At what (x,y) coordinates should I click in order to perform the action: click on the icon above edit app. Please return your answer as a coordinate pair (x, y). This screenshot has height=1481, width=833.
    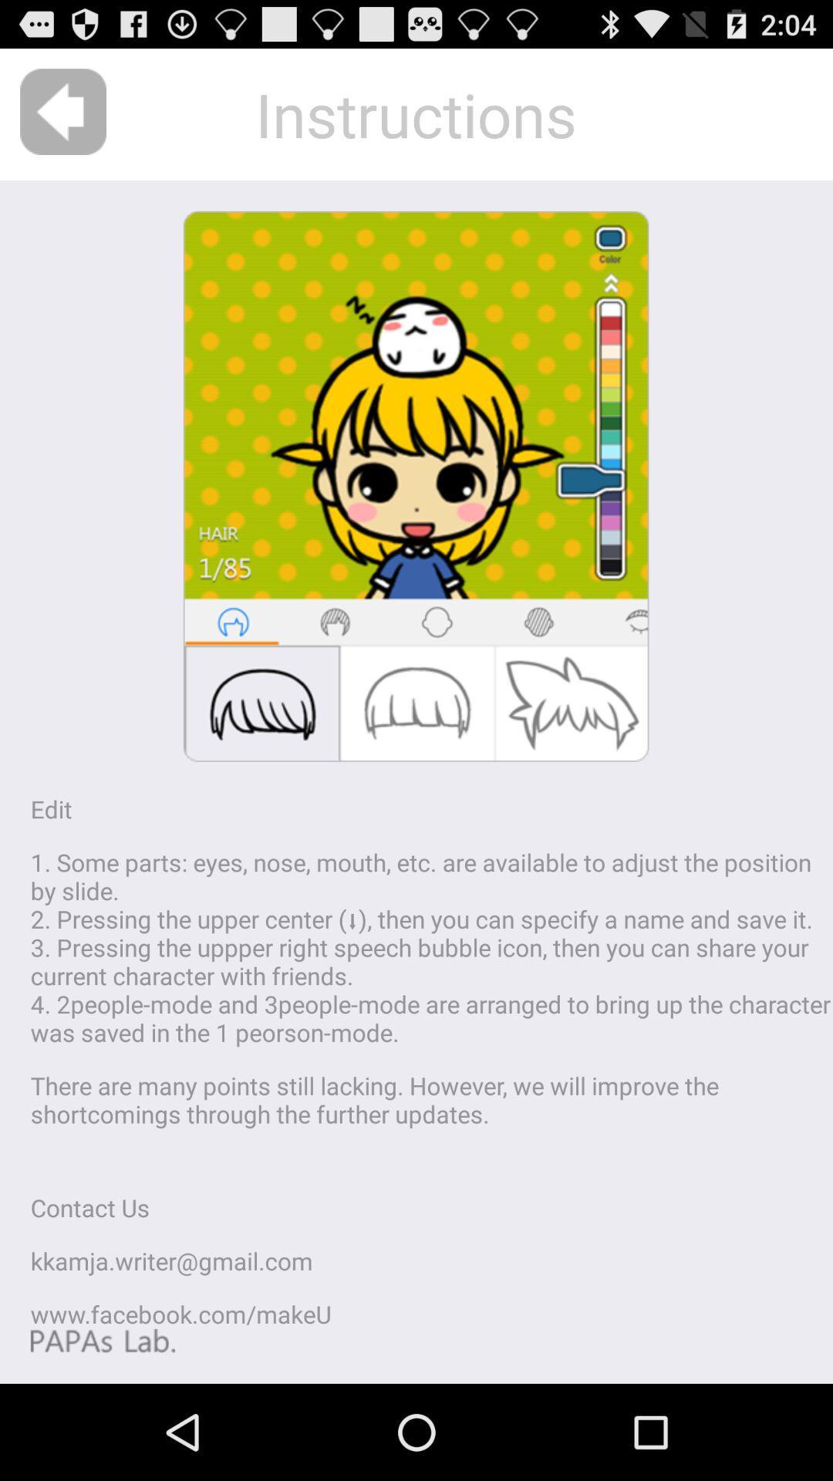
    Looking at the image, I should click on (62, 111).